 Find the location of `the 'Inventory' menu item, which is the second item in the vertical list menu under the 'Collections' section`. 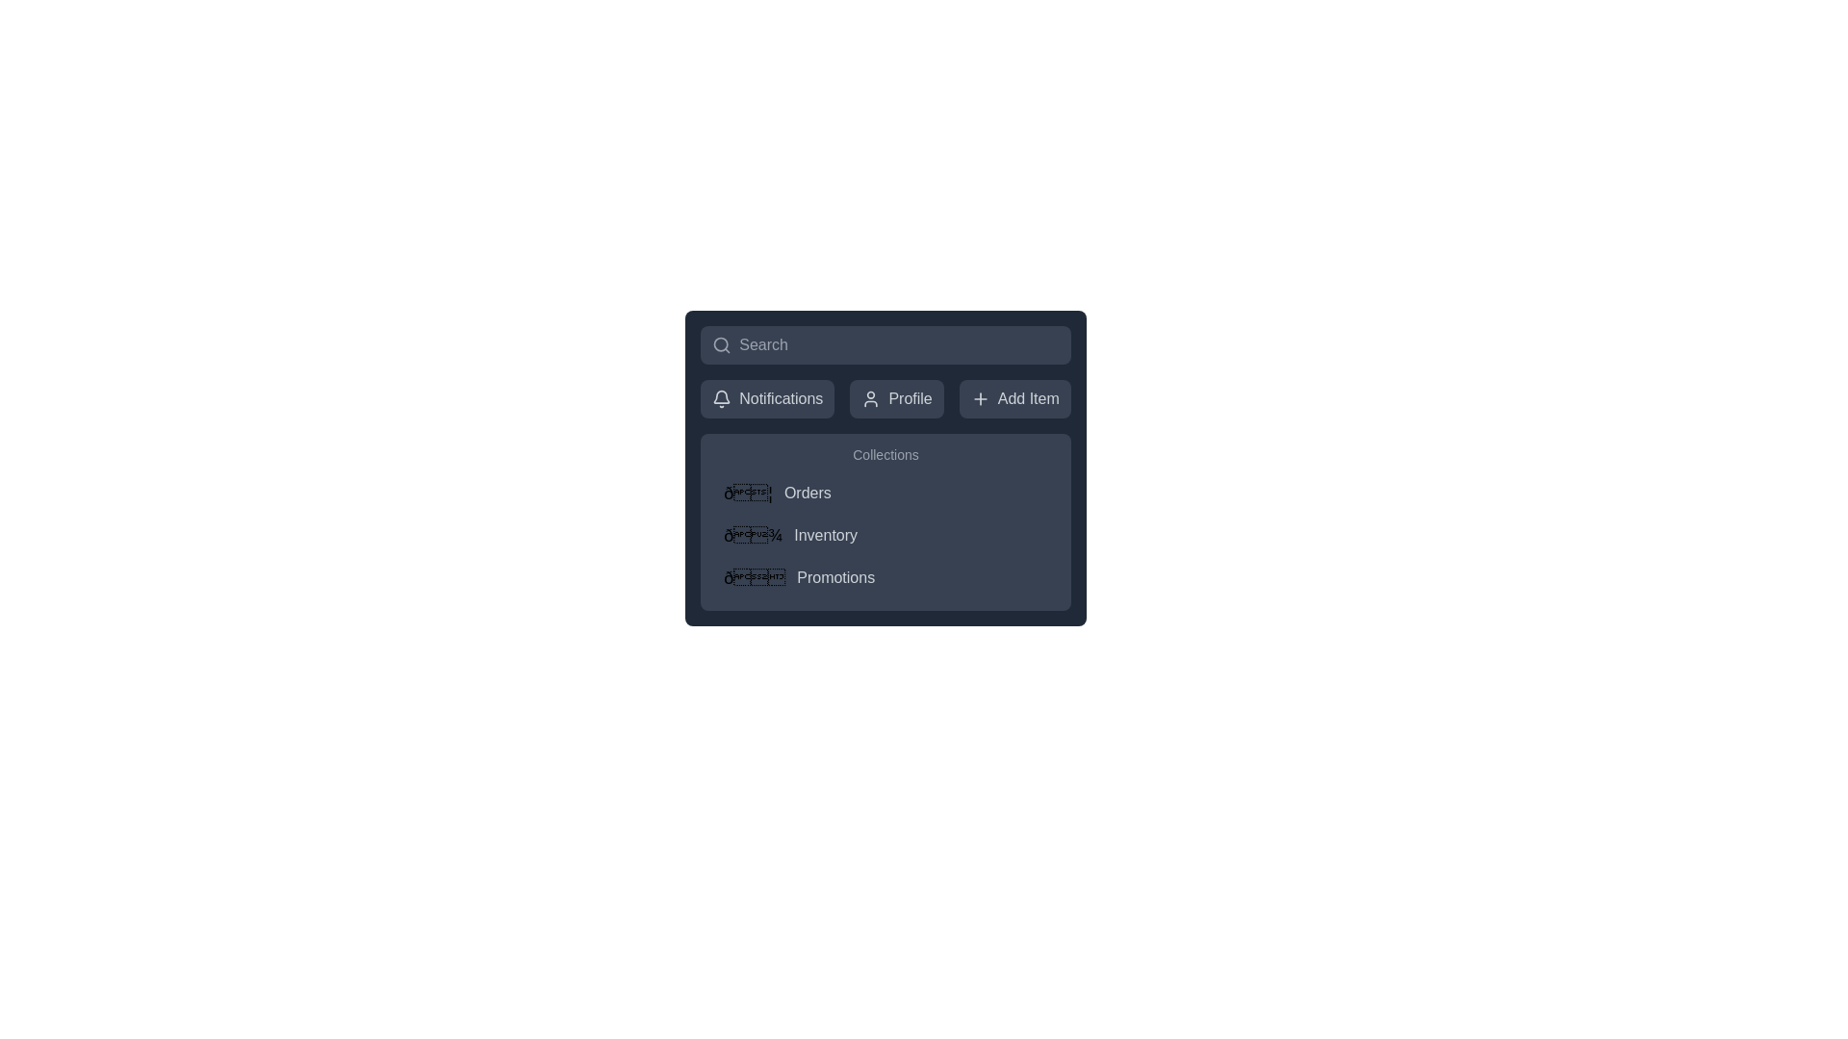

the 'Inventory' menu item, which is the second item in the vertical list menu under the 'Collections' section is located at coordinates (885, 535).